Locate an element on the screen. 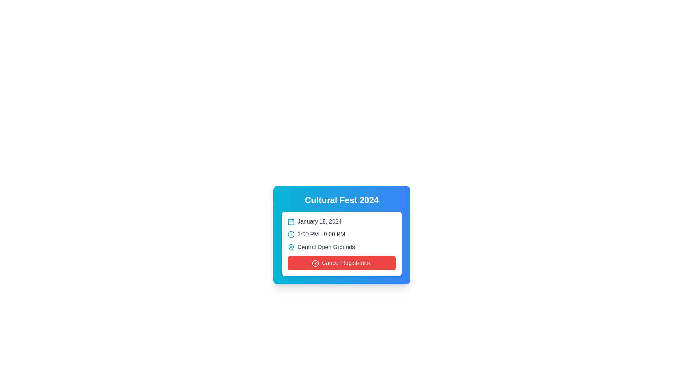  the static text label that conveys the location information of the event, positioned in the bottom middle section of the event details card, to the right of the map pin icon is located at coordinates (326, 247).